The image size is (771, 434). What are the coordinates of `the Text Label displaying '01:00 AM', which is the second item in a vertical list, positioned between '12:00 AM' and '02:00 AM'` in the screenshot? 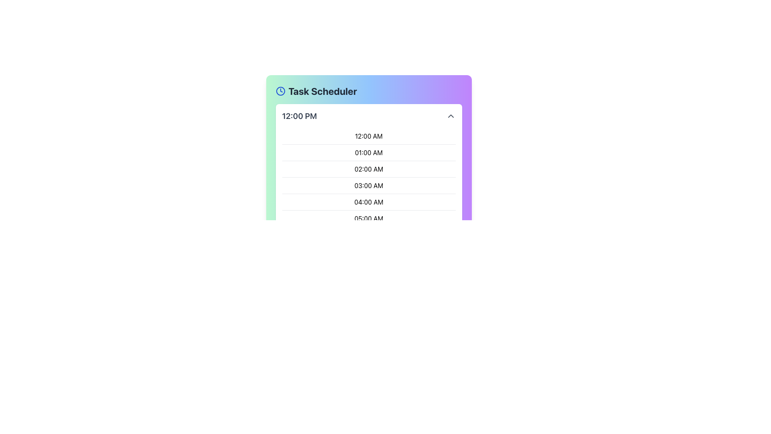 It's located at (368, 152).